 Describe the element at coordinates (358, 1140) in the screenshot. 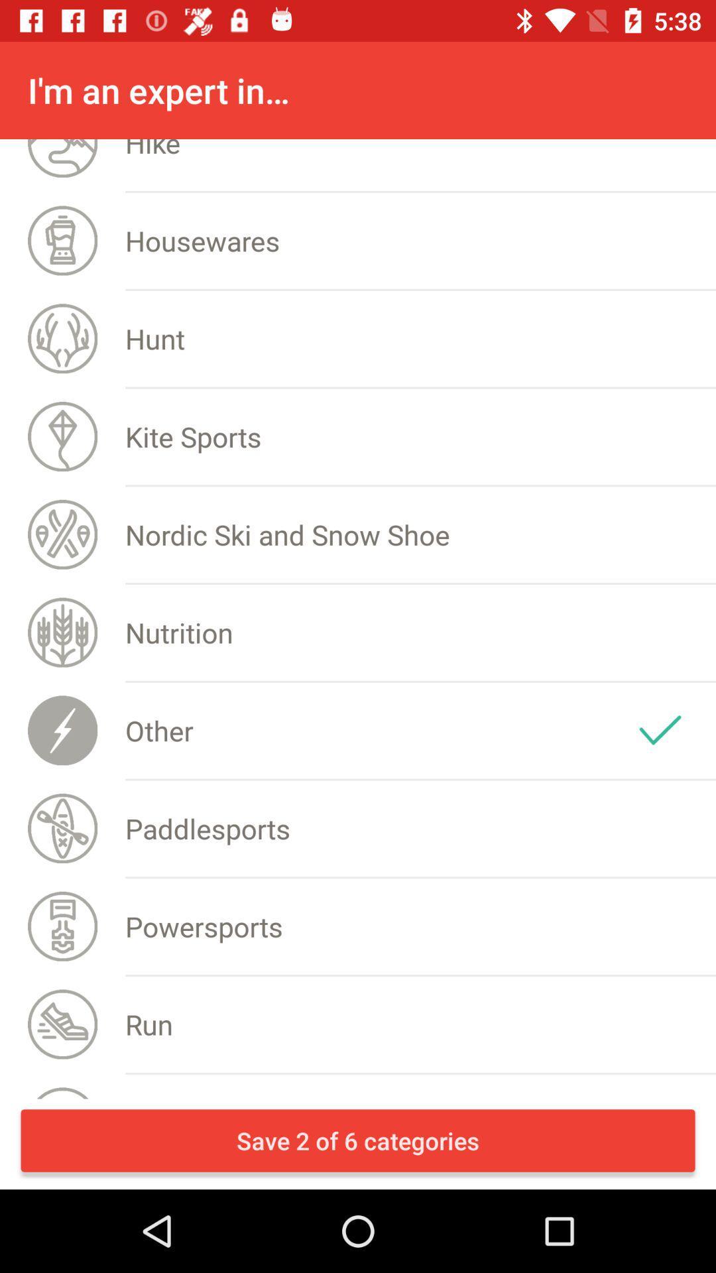

I see `the save 2 of item` at that location.